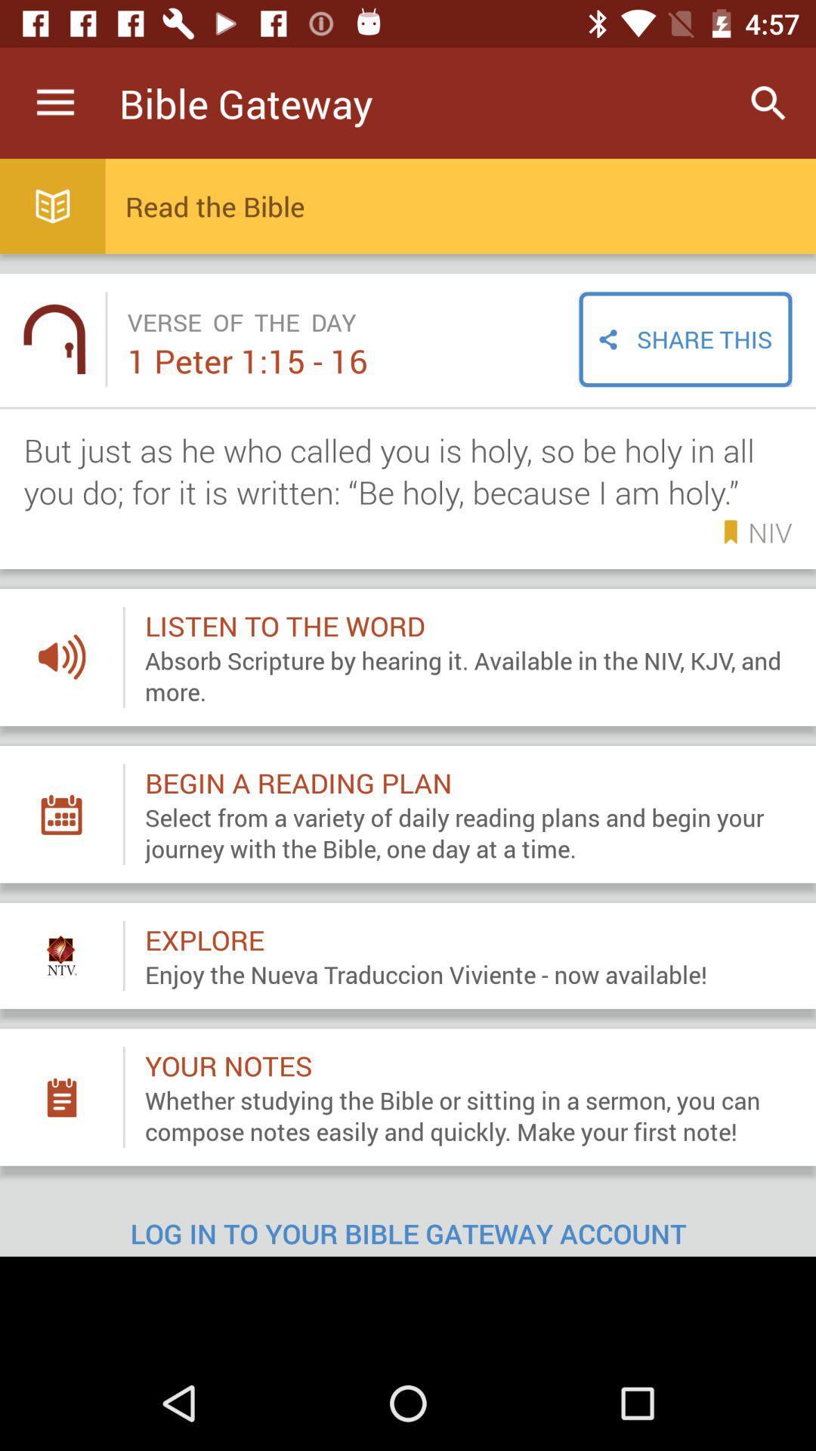  What do you see at coordinates (685, 339) in the screenshot?
I see `the share this item` at bounding box center [685, 339].